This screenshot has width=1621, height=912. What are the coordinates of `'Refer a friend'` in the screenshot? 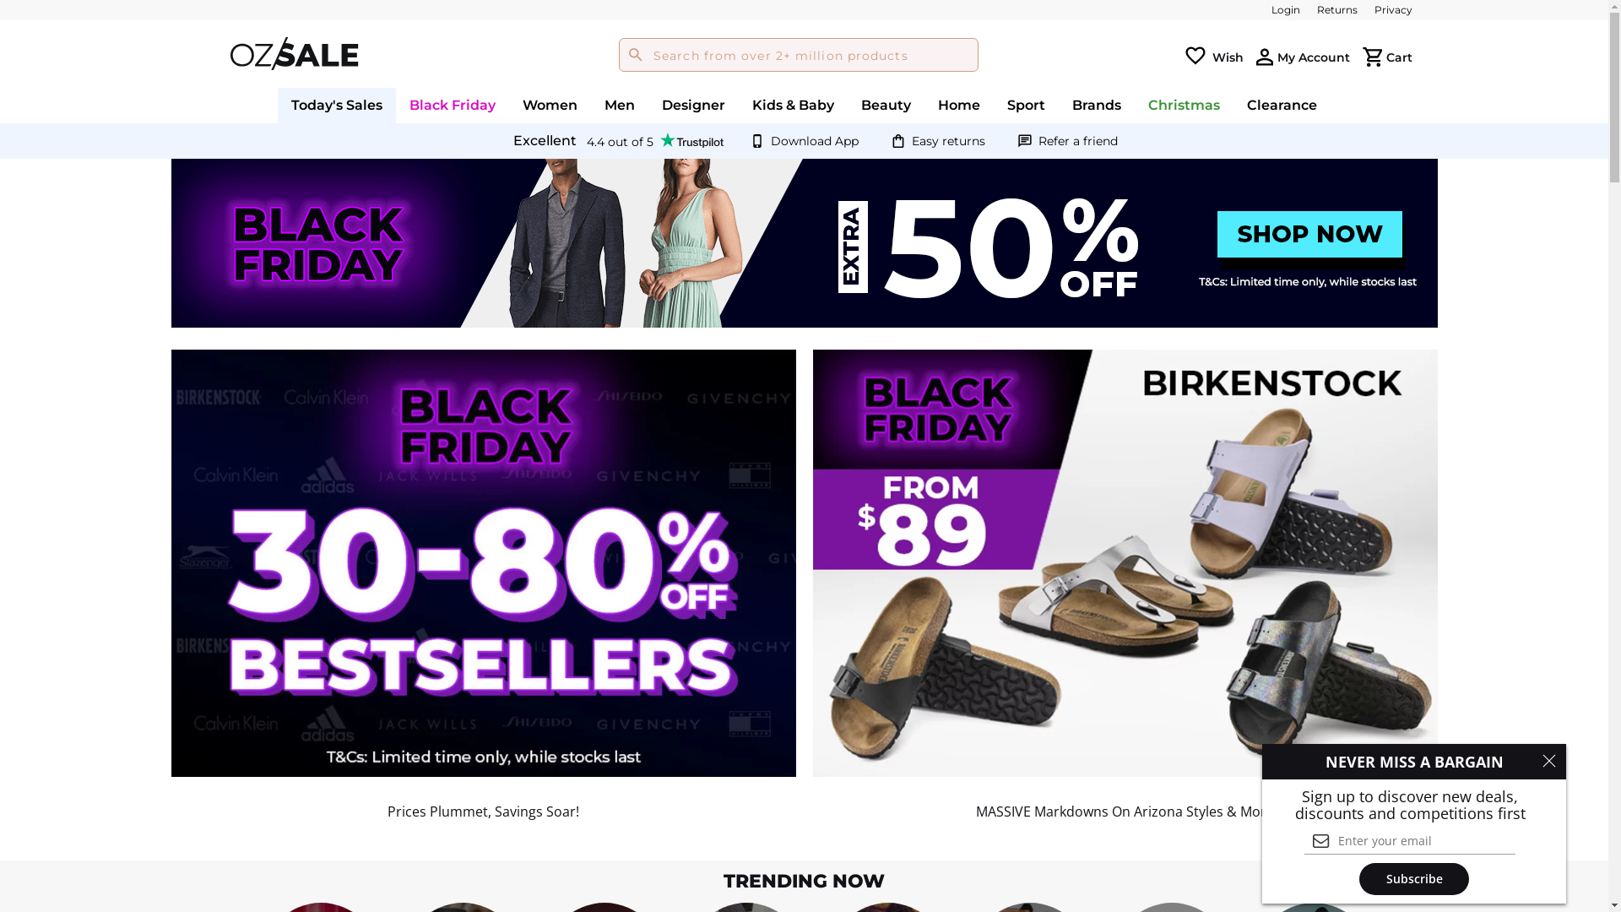 It's located at (1076, 140).